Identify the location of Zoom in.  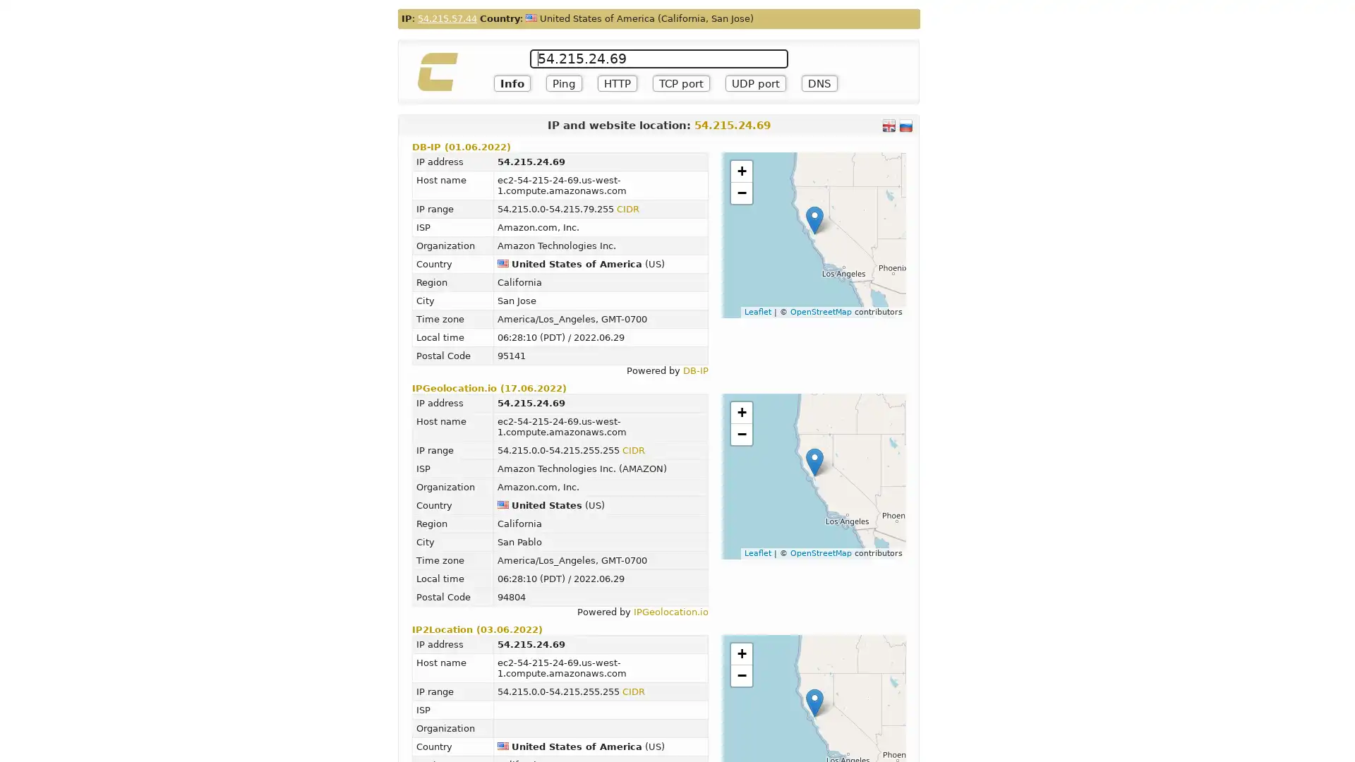
(741, 654).